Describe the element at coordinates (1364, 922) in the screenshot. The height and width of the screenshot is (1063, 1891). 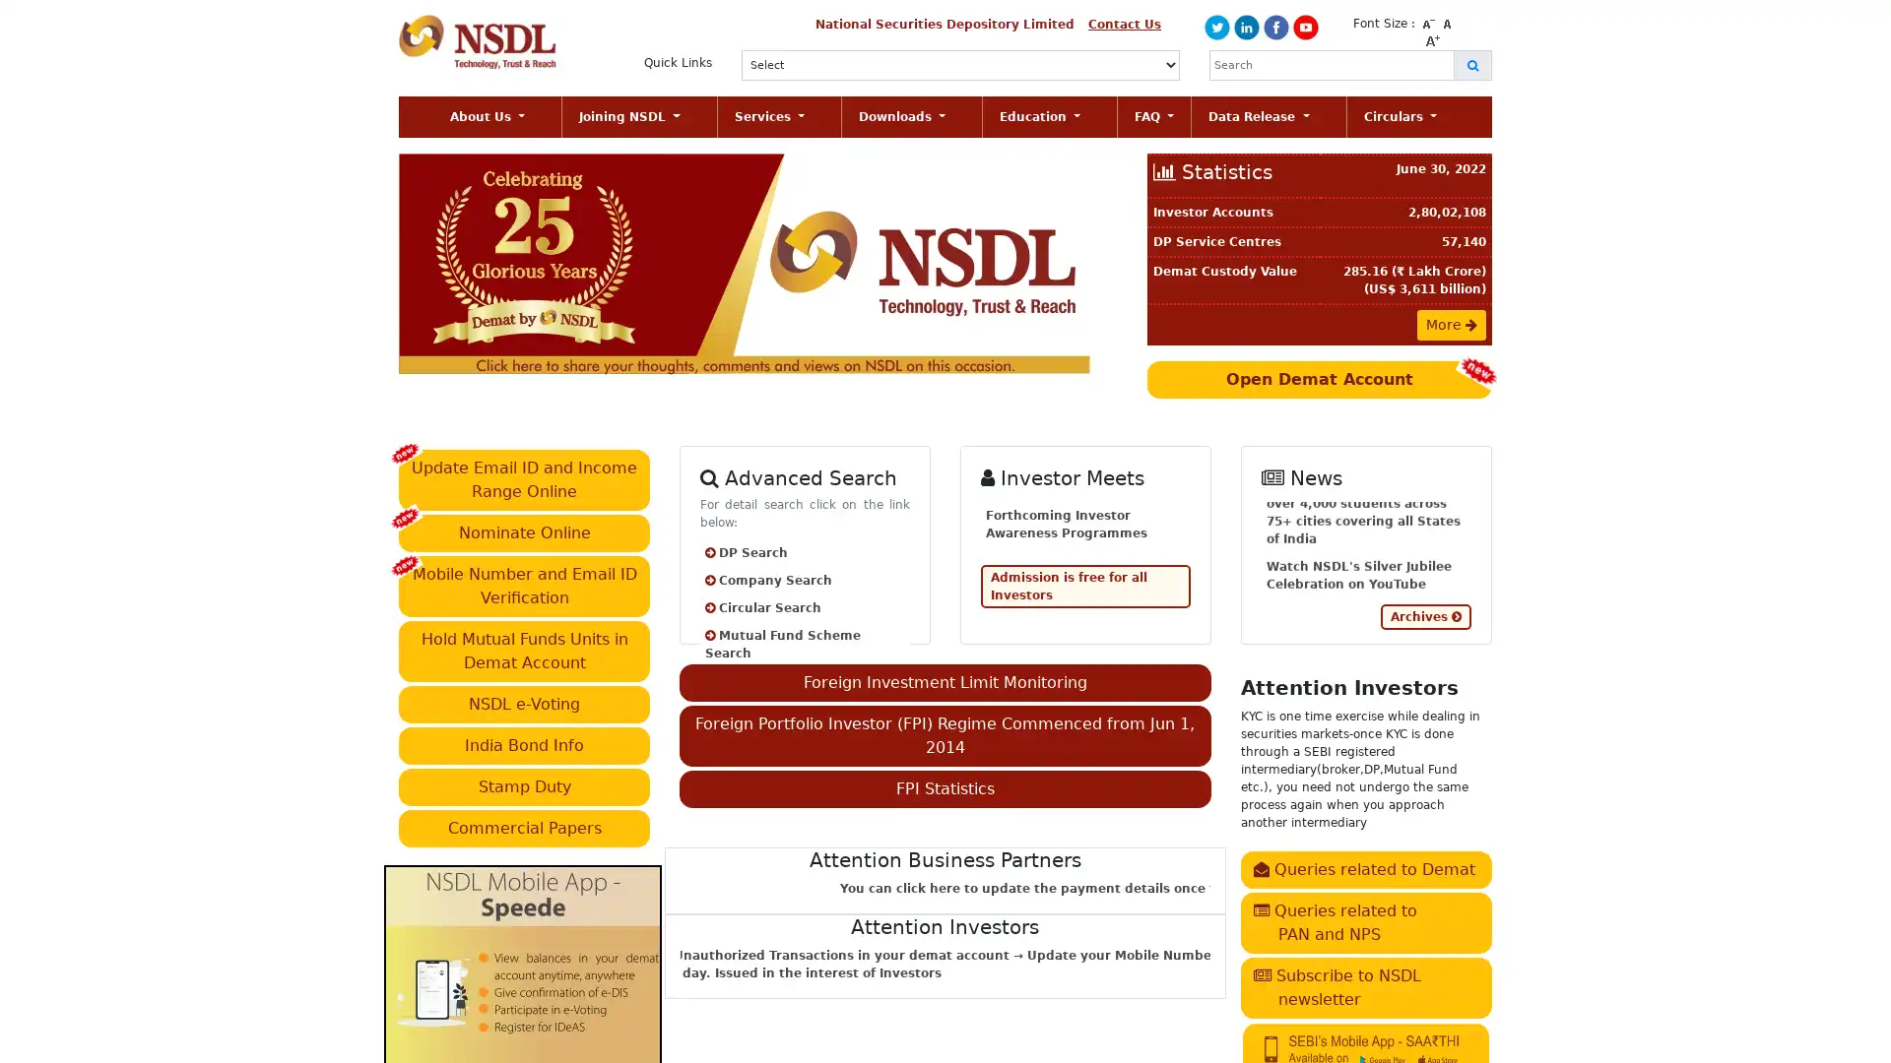
I see `Queries related to            PAN and NPS` at that location.